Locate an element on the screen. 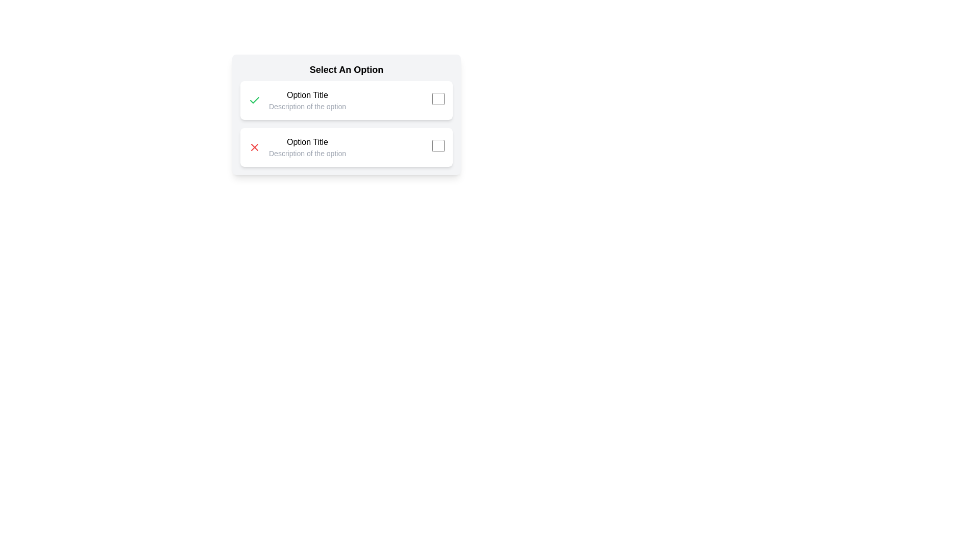  the static text element that serves as the primary title for its option group, located in the second option block of the choice selection interface, to the right of a red cross icon and above descriptive text is located at coordinates (307, 142).